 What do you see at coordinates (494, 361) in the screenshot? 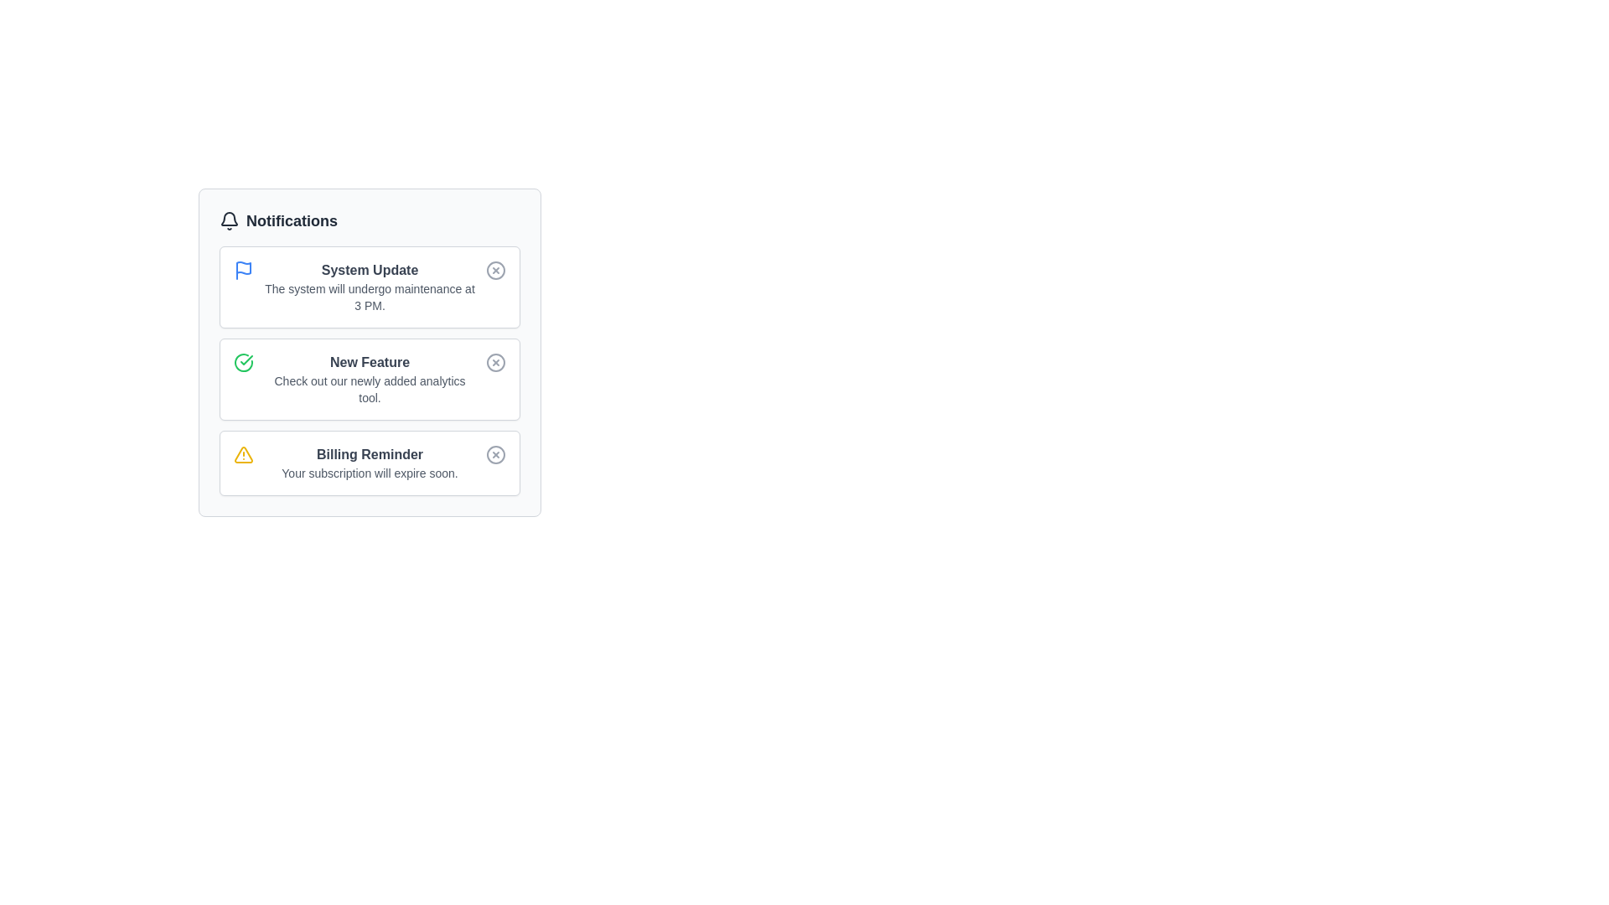
I see `the circular graphic element within the notification card titled 'New Feature', which frames the red close icon located at the right end of the card` at bounding box center [494, 361].